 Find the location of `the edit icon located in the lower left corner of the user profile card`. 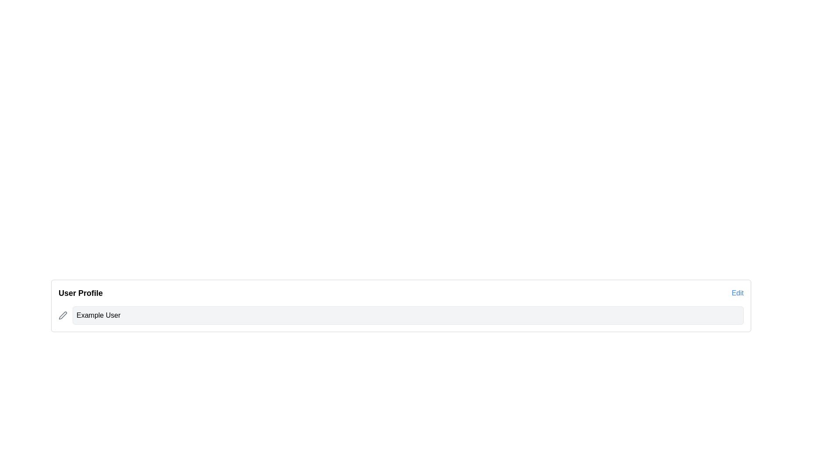

the edit icon located in the lower left corner of the user profile card is located at coordinates (63, 315).